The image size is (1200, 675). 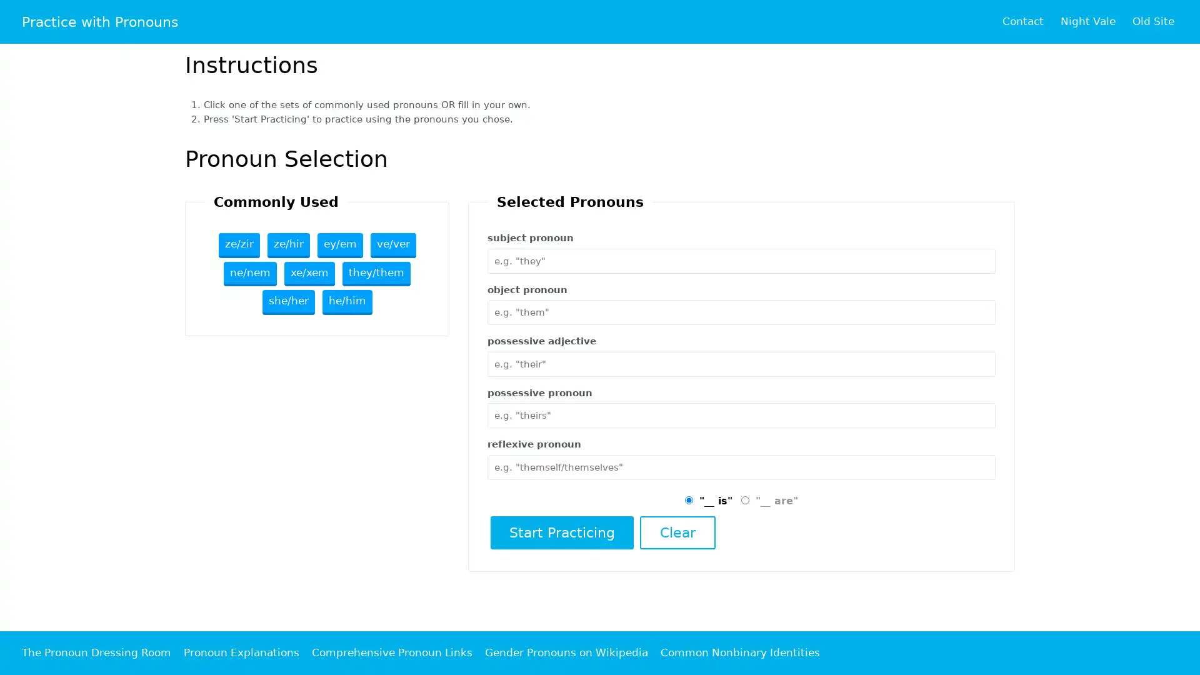 What do you see at coordinates (347, 302) in the screenshot?
I see `he/him` at bounding box center [347, 302].